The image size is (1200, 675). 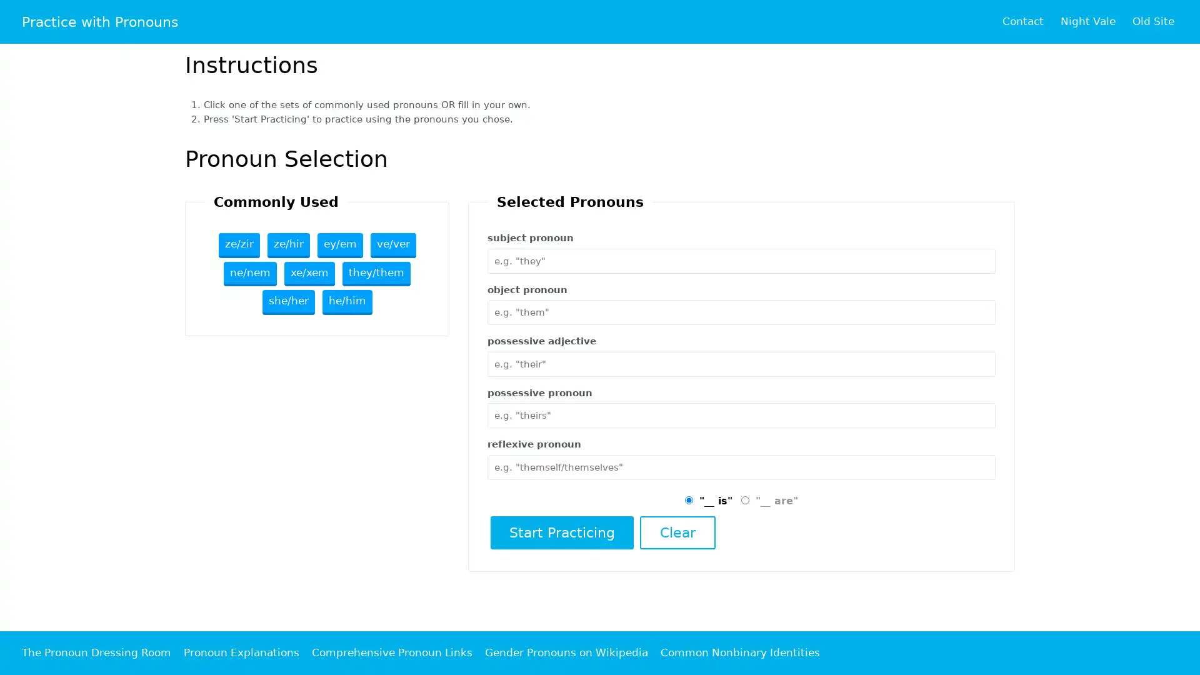 What do you see at coordinates (347, 302) in the screenshot?
I see `he/him` at bounding box center [347, 302].